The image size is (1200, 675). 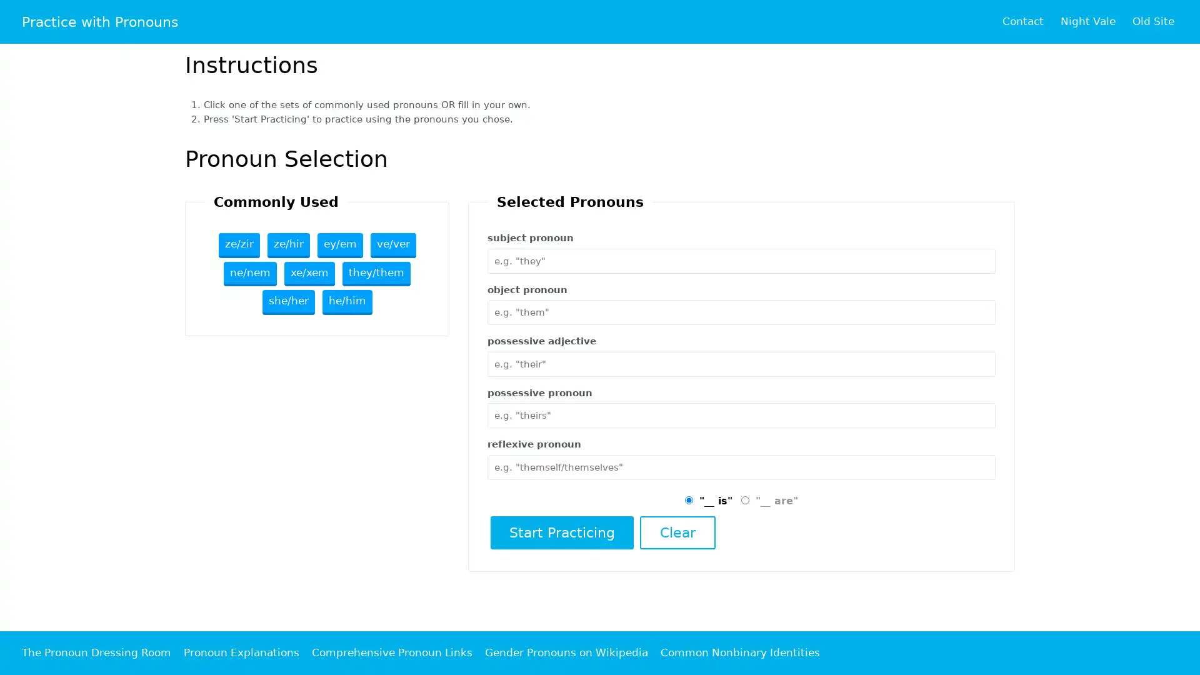 What do you see at coordinates (347, 302) in the screenshot?
I see `he/him` at bounding box center [347, 302].